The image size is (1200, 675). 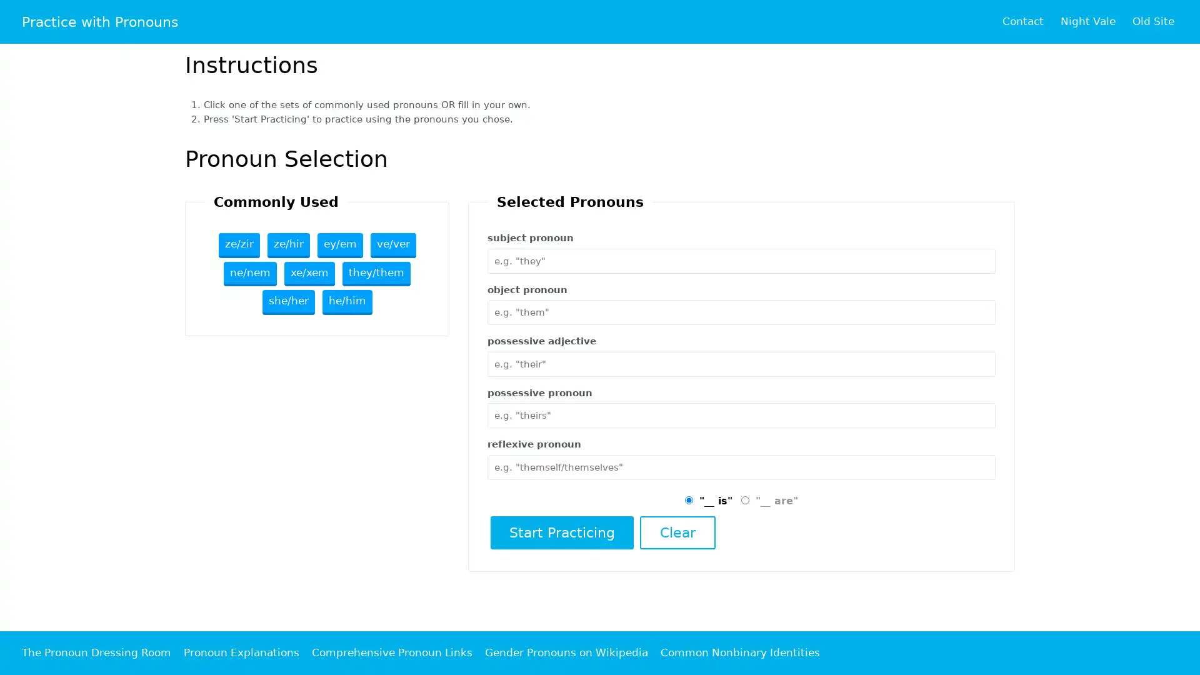 What do you see at coordinates (347, 302) in the screenshot?
I see `he/him` at bounding box center [347, 302].